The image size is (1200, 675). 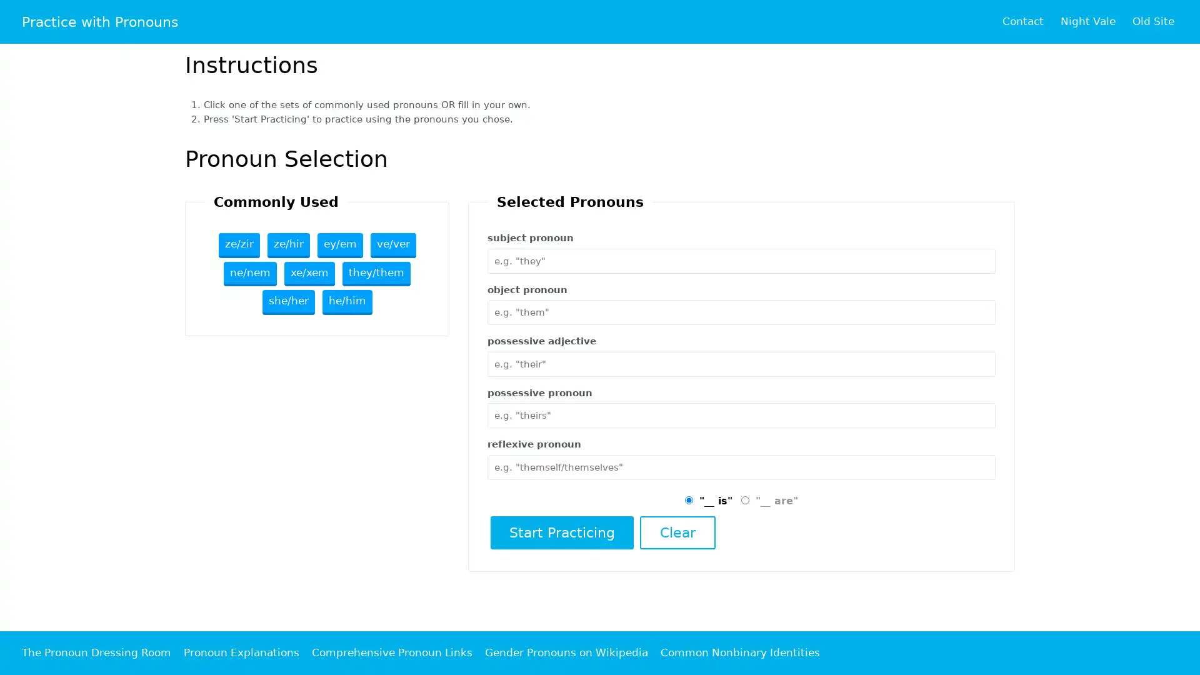 What do you see at coordinates (347, 302) in the screenshot?
I see `he/him` at bounding box center [347, 302].